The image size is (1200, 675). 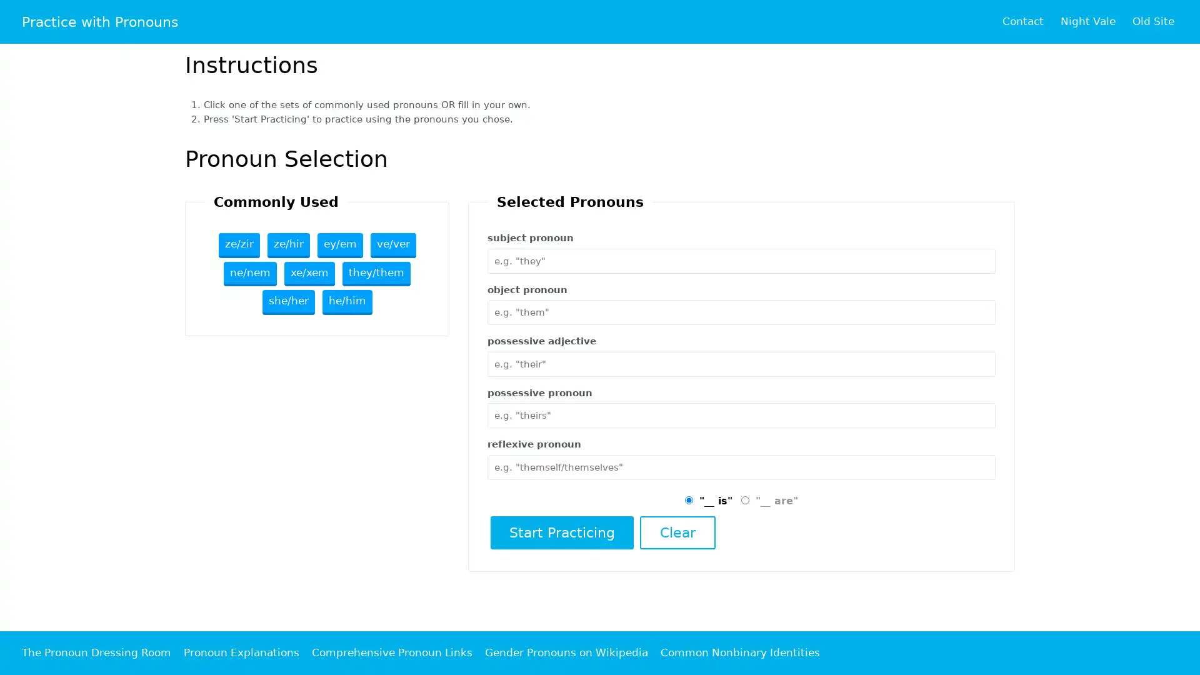 What do you see at coordinates (347, 302) in the screenshot?
I see `he/him` at bounding box center [347, 302].